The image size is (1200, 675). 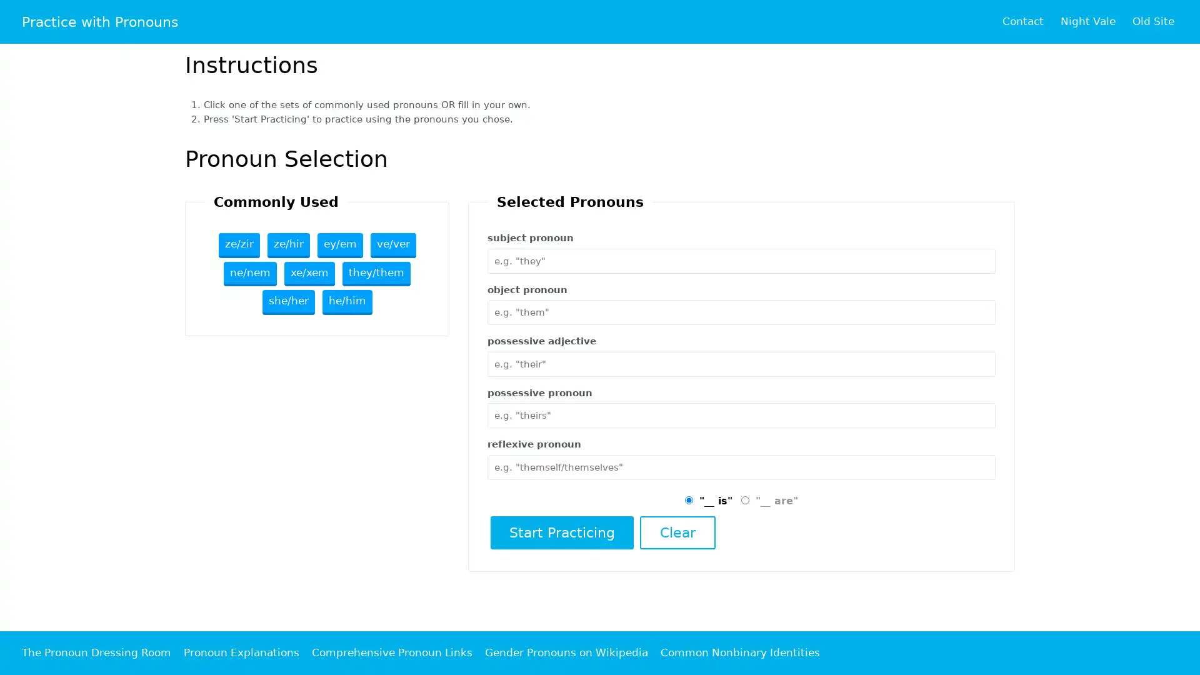 What do you see at coordinates (347, 302) in the screenshot?
I see `he/him` at bounding box center [347, 302].